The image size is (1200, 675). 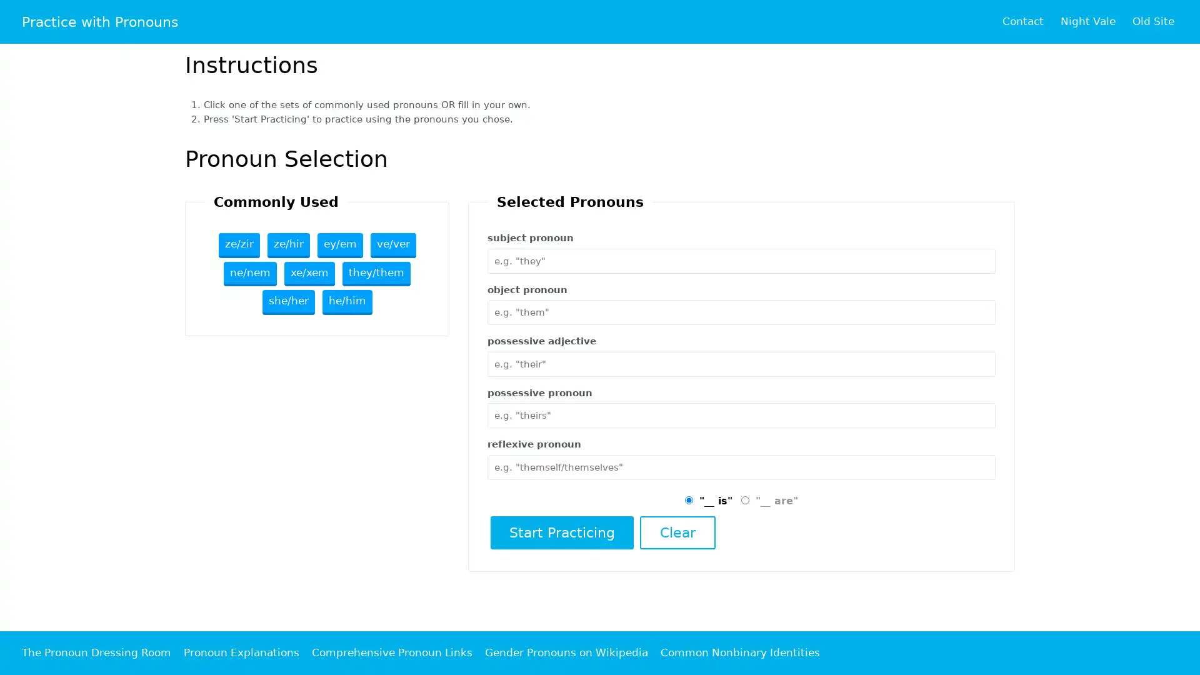 What do you see at coordinates (347, 302) in the screenshot?
I see `he/him` at bounding box center [347, 302].